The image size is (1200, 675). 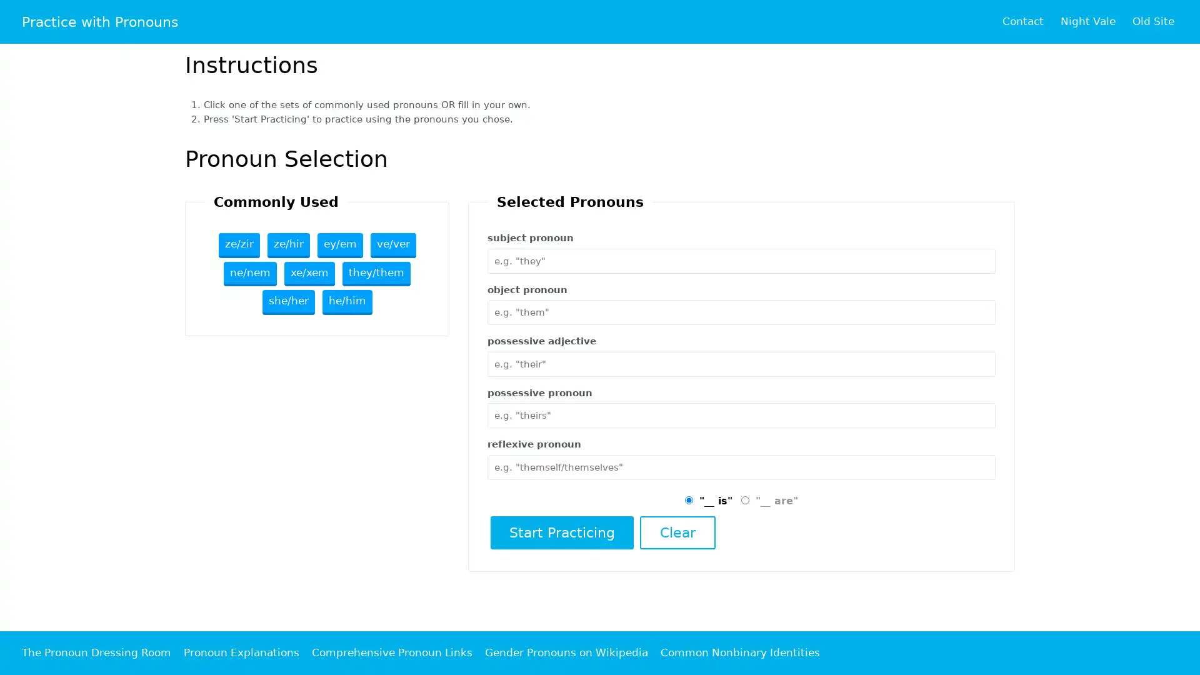 What do you see at coordinates (347, 302) in the screenshot?
I see `he/him` at bounding box center [347, 302].